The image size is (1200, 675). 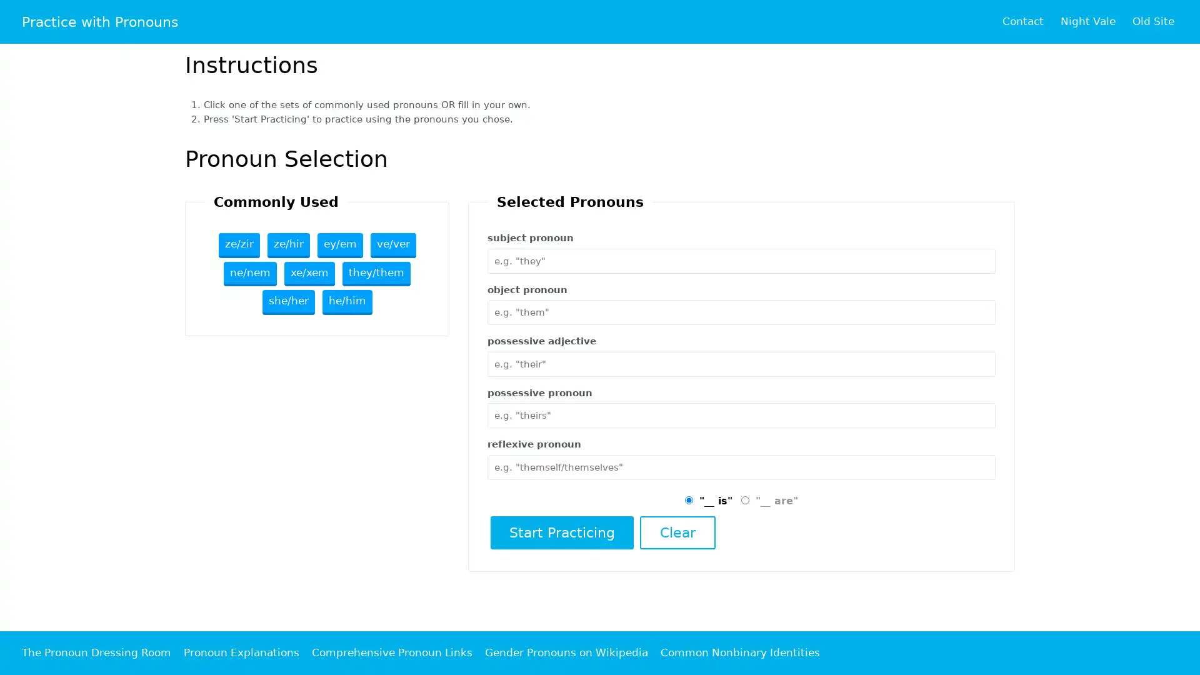 What do you see at coordinates (347, 302) in the screenshot?
I see `he/him` at bounding box center [347, 302].